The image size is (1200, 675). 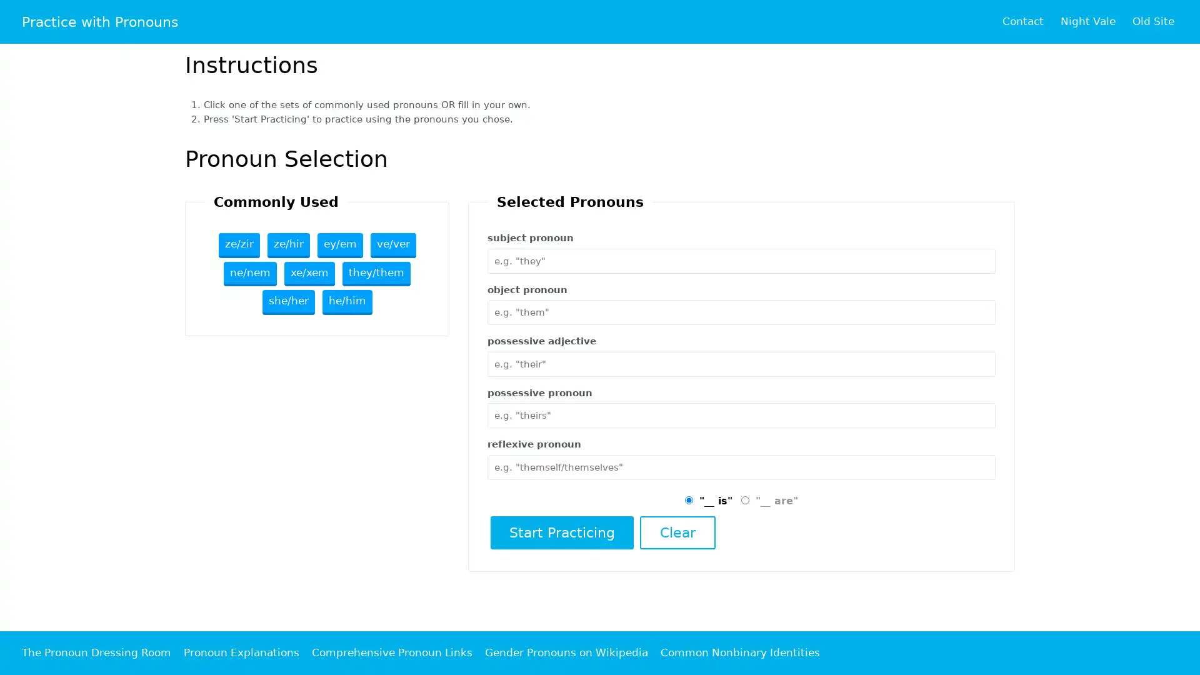 What do you see at coordinates (347, 302) in the screenshot?
I see `he/him` at bounding box center [347, 302].